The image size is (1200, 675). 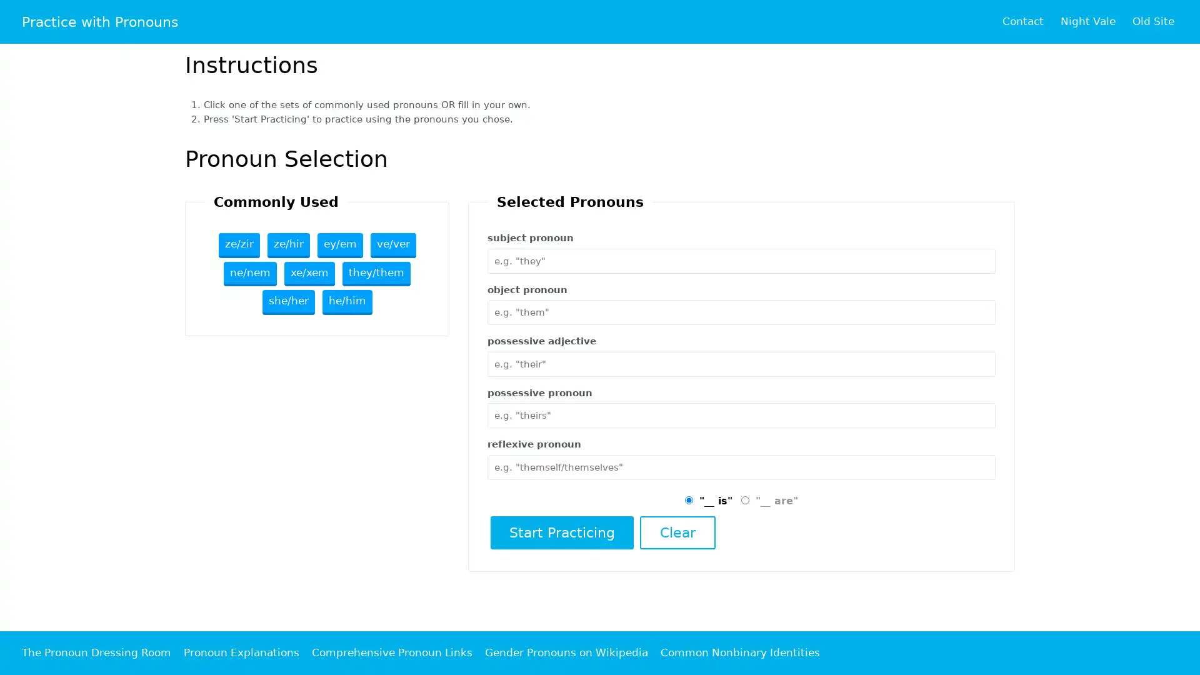 What do you see at coordinates (347, 302) in the screenshot?
I see `he/him` at bounding box center [347, 302].